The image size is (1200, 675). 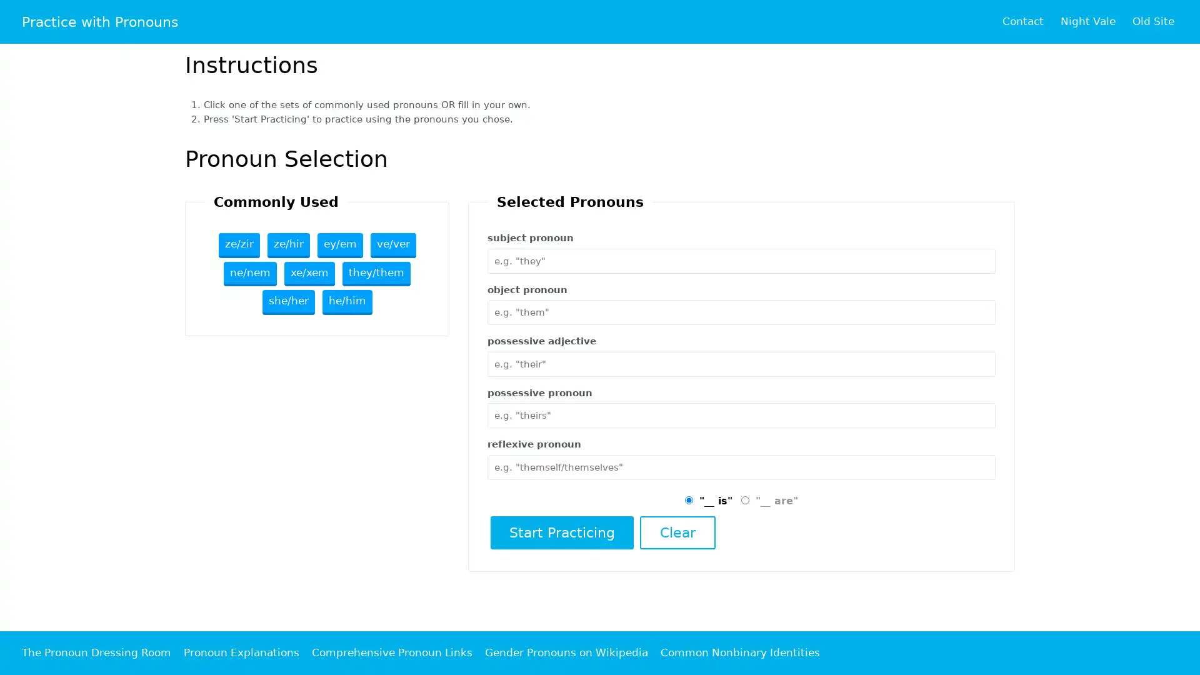 What do you see at coordinates (347, 302) in the screenshot?
I see `he/him` at bounding box center [347, 302].